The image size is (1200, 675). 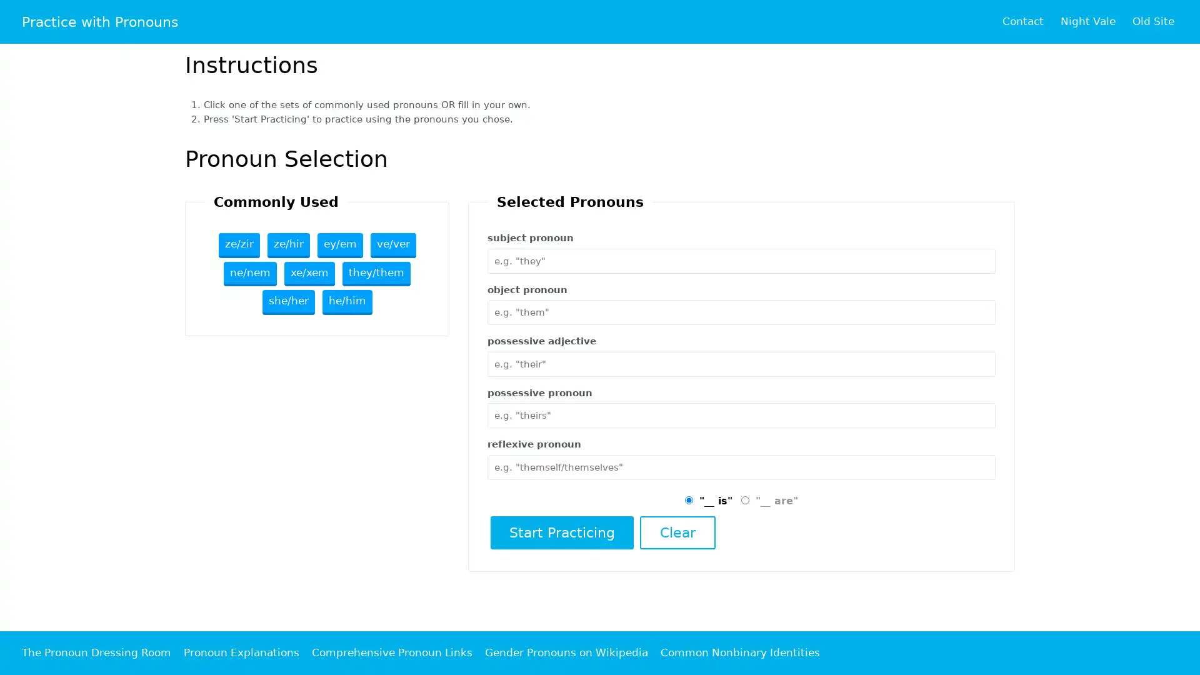 What do you see at coordinates (347, 302) in the screenshot?
I see `he/him` at bounding box center [347, 302].